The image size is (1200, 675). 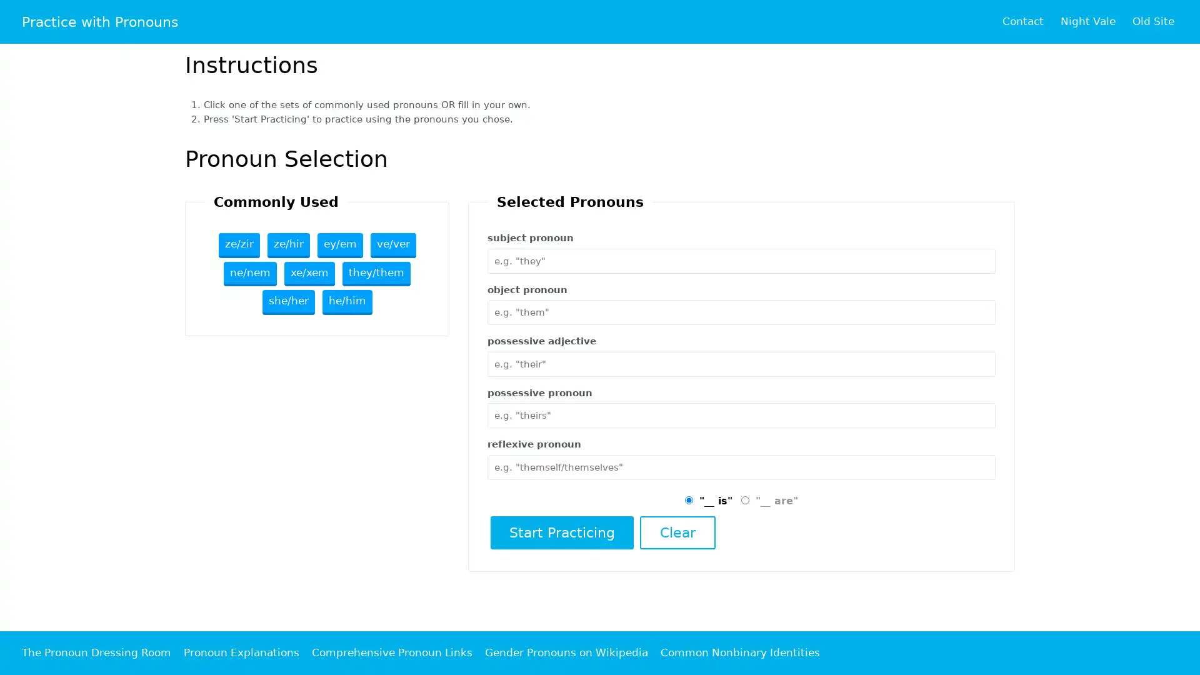 What do you see at coordinates (347, 302) in the screenshot?
I see `he/him` at bounding box center [347, 302].